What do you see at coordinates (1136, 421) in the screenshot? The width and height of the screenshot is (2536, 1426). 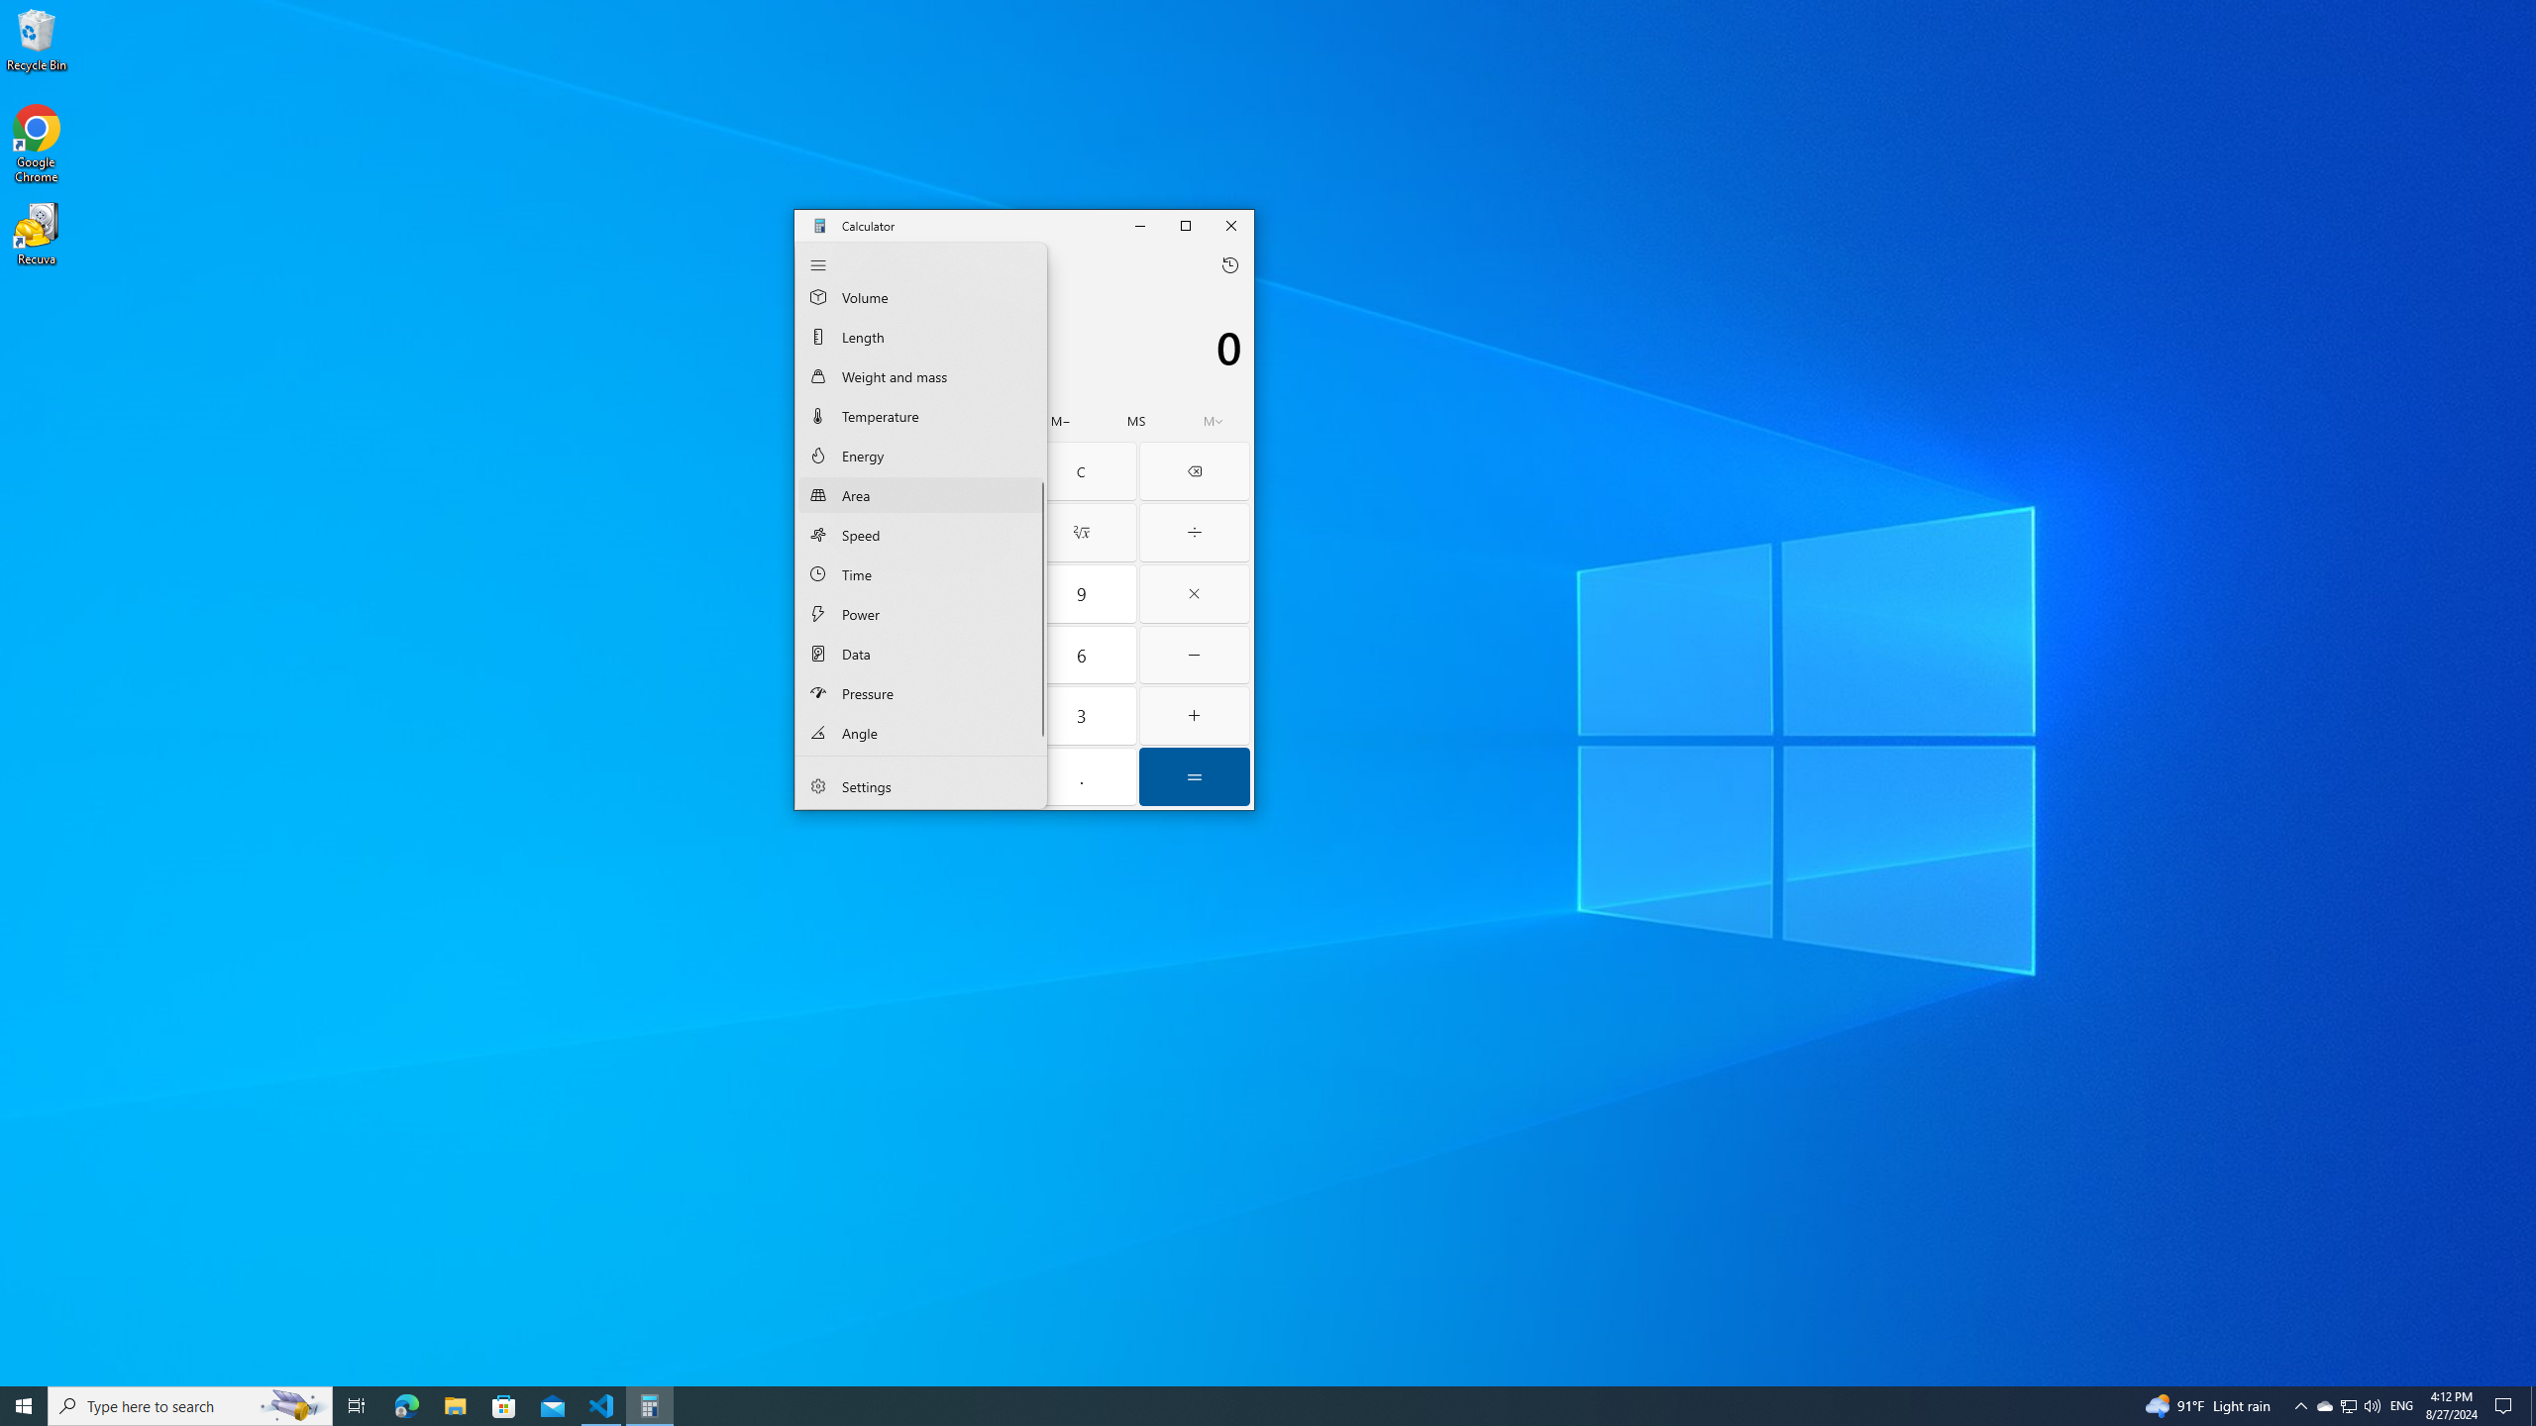 I see `'Memory store'` at bounding box center [1136, 421].